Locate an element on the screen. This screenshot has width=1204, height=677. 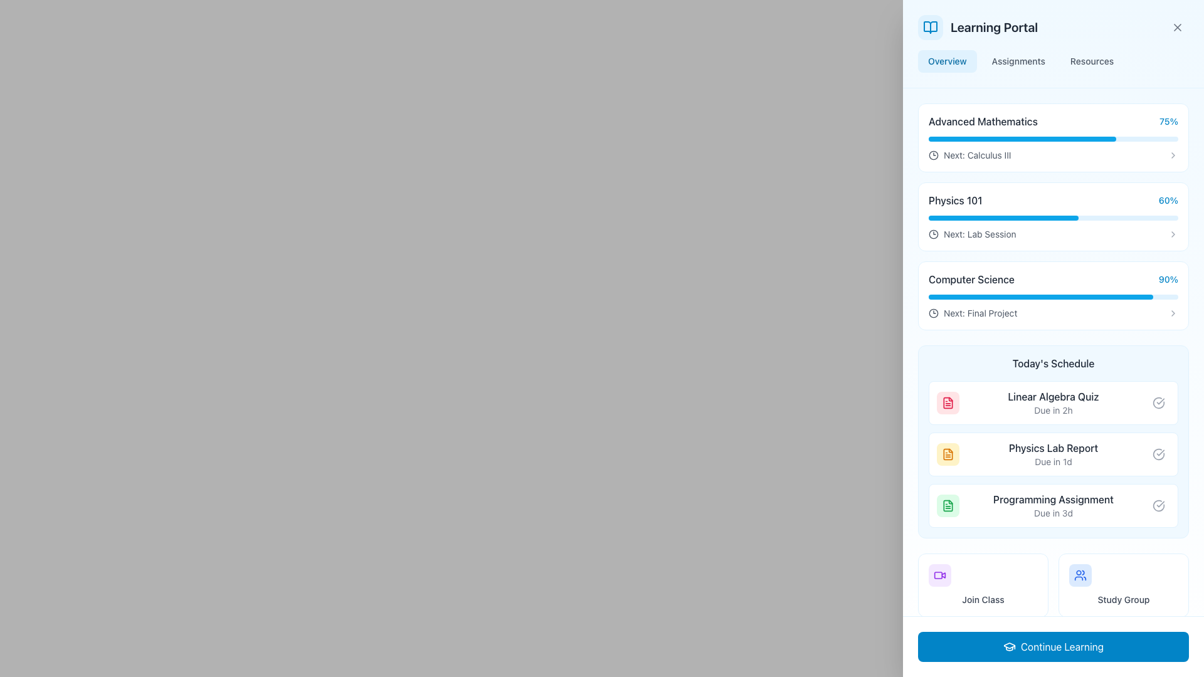
the progress bar indicating 75% completion under the 'Advanced Mathematics' section is located at coordinates (1053, 139).